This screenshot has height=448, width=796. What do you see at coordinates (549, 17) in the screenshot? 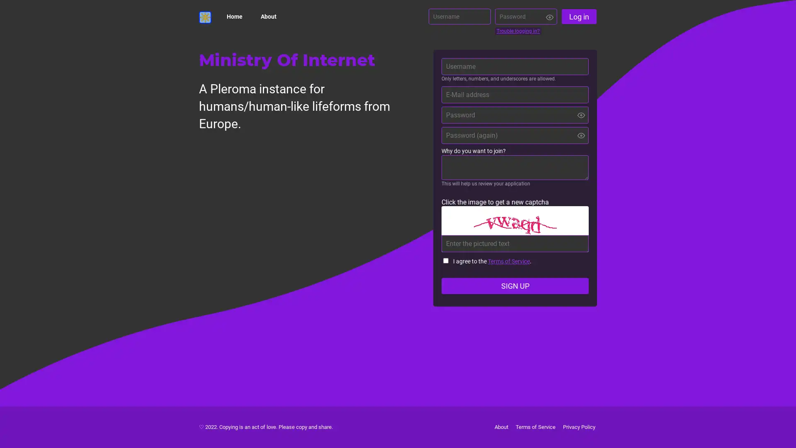
I see `Show password` at bounding box center [549, 17].